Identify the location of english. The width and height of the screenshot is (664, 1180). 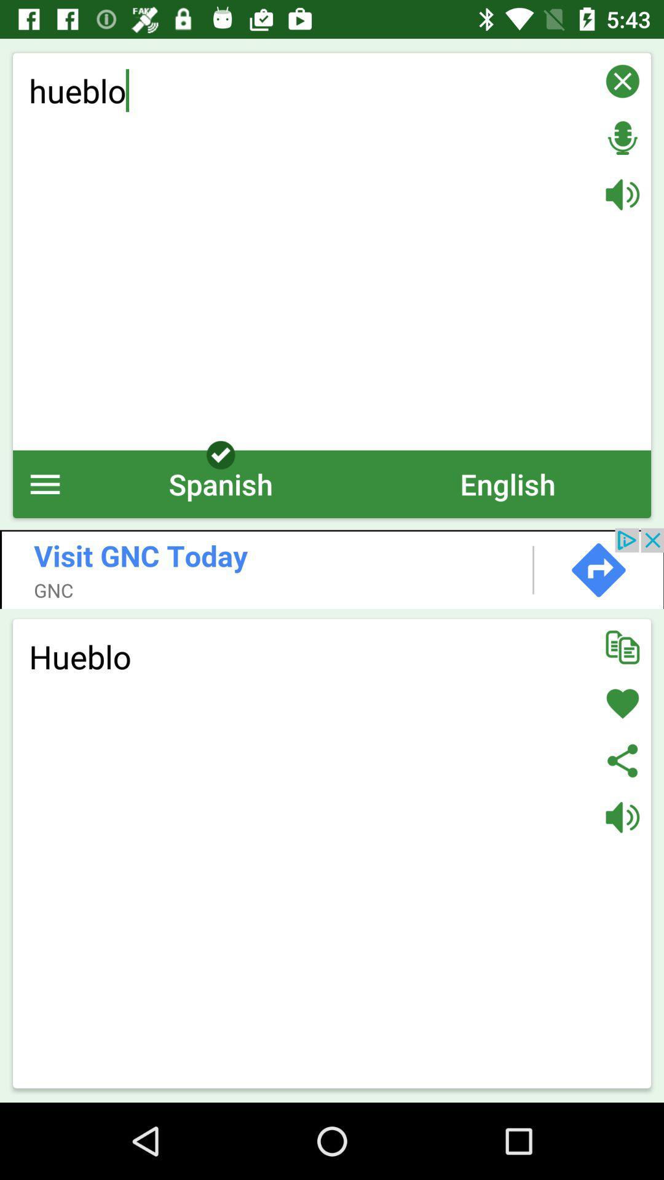
(507, 483).